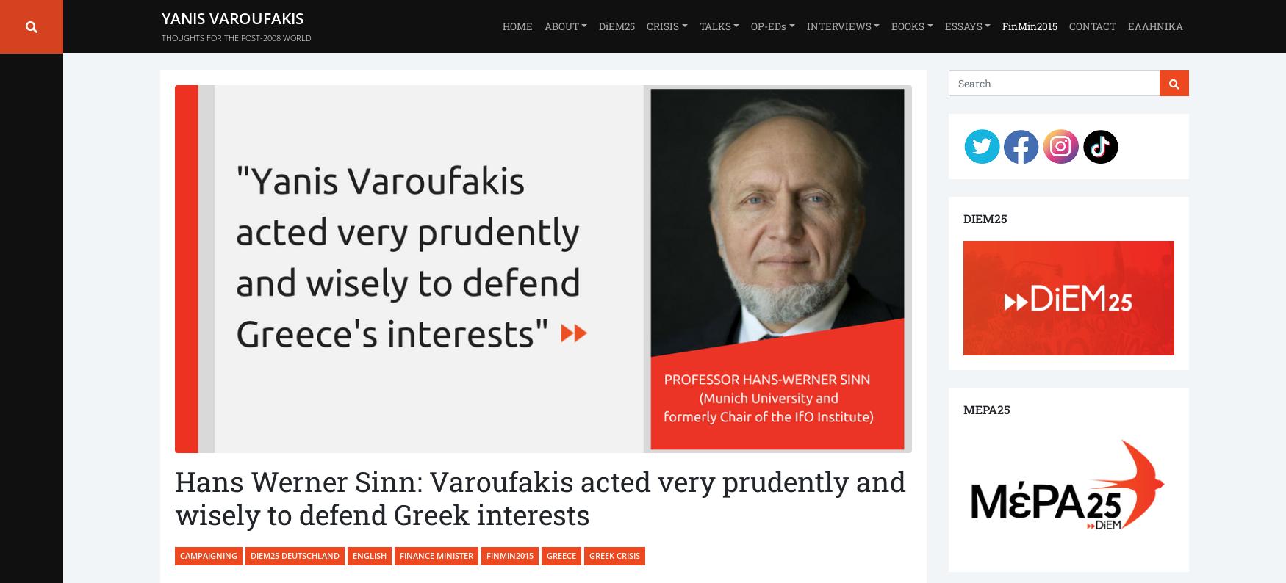  Describe the element at coordinates (540, 497) in the screenshot. I see `'Hans Werner Sinn: Varoufakis acted very prudently and wisely to defend Greek interests'` at that location.